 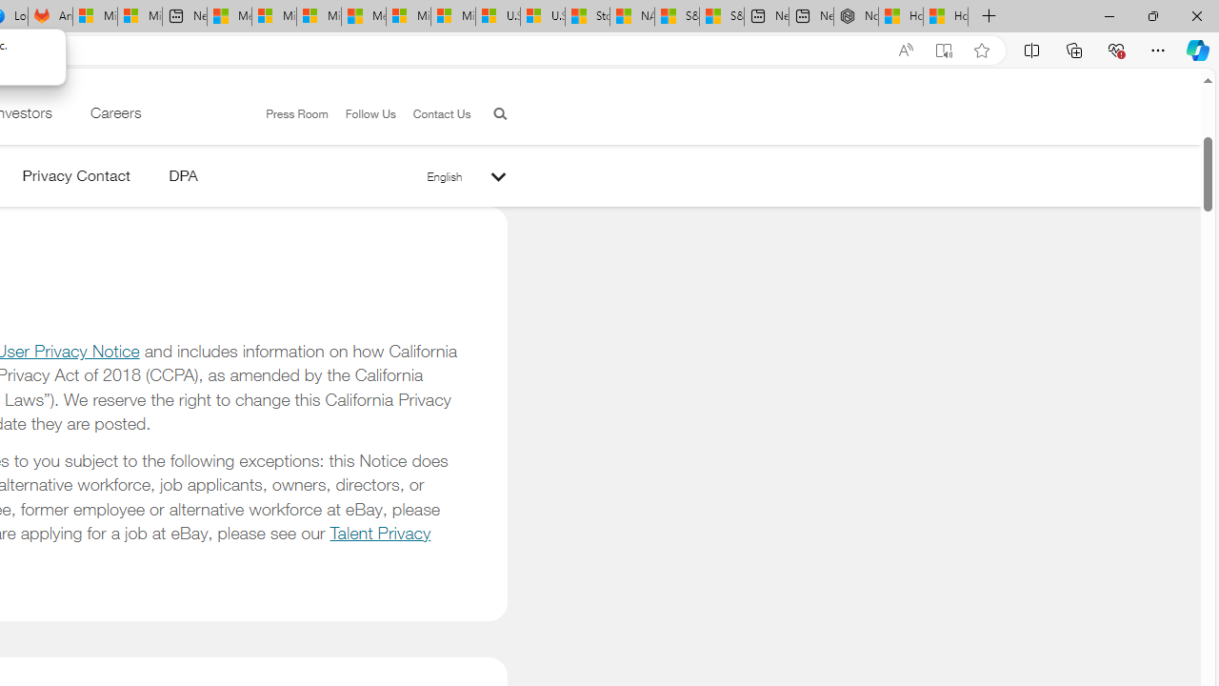 What do you see at coordinates (76, 179) in the screenshot?
I see `'Privacy Contact'` at bounding box center [76, 179].